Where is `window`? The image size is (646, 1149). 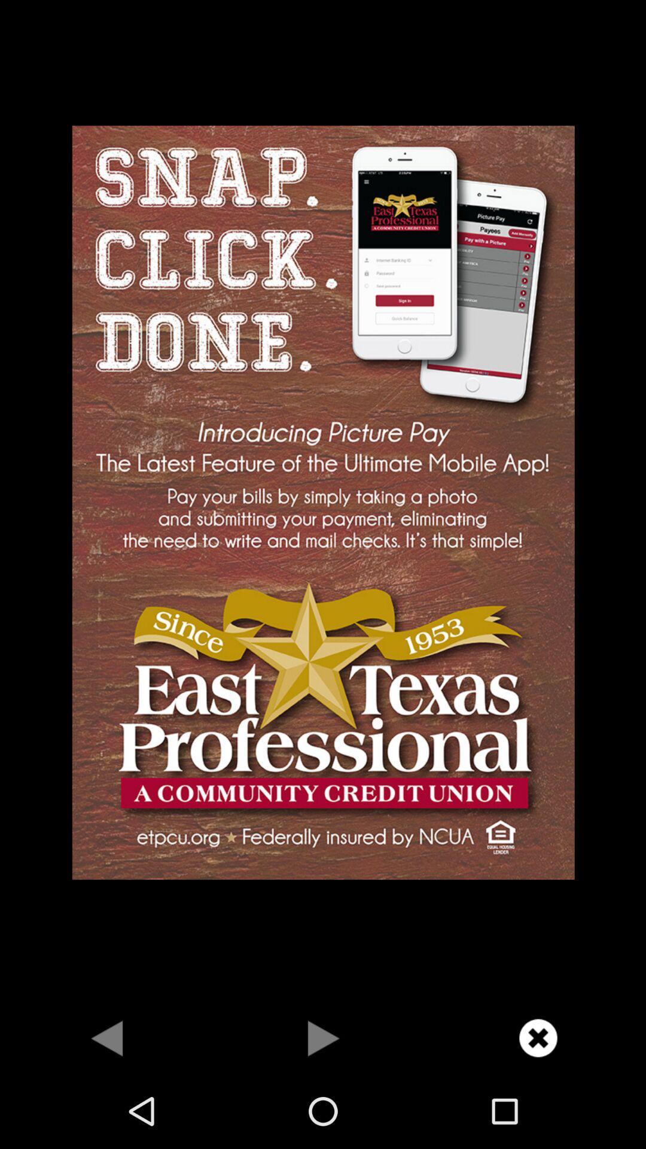
window is located at coordinates (537, 1037).